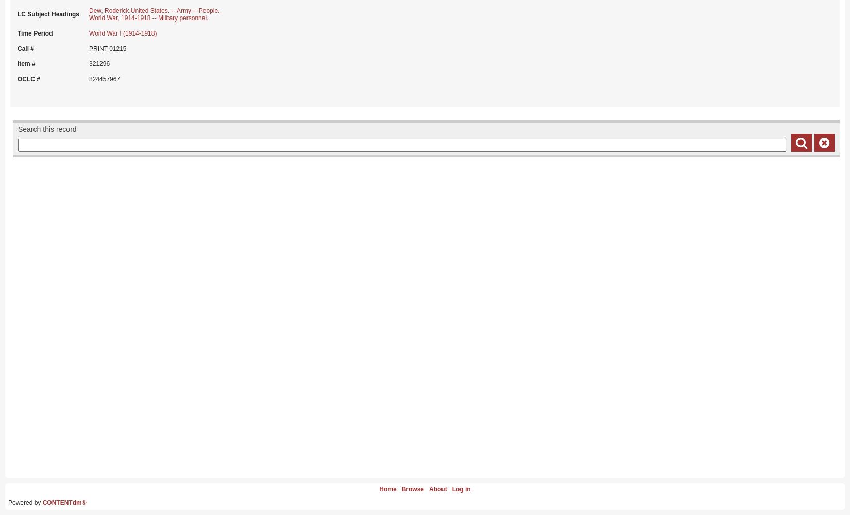 This screenshot has height=515, width=850. What do you see at coordinates (47, 129) in the screenshot?
I see `'Search this record'` at bounding box center [47, 129].